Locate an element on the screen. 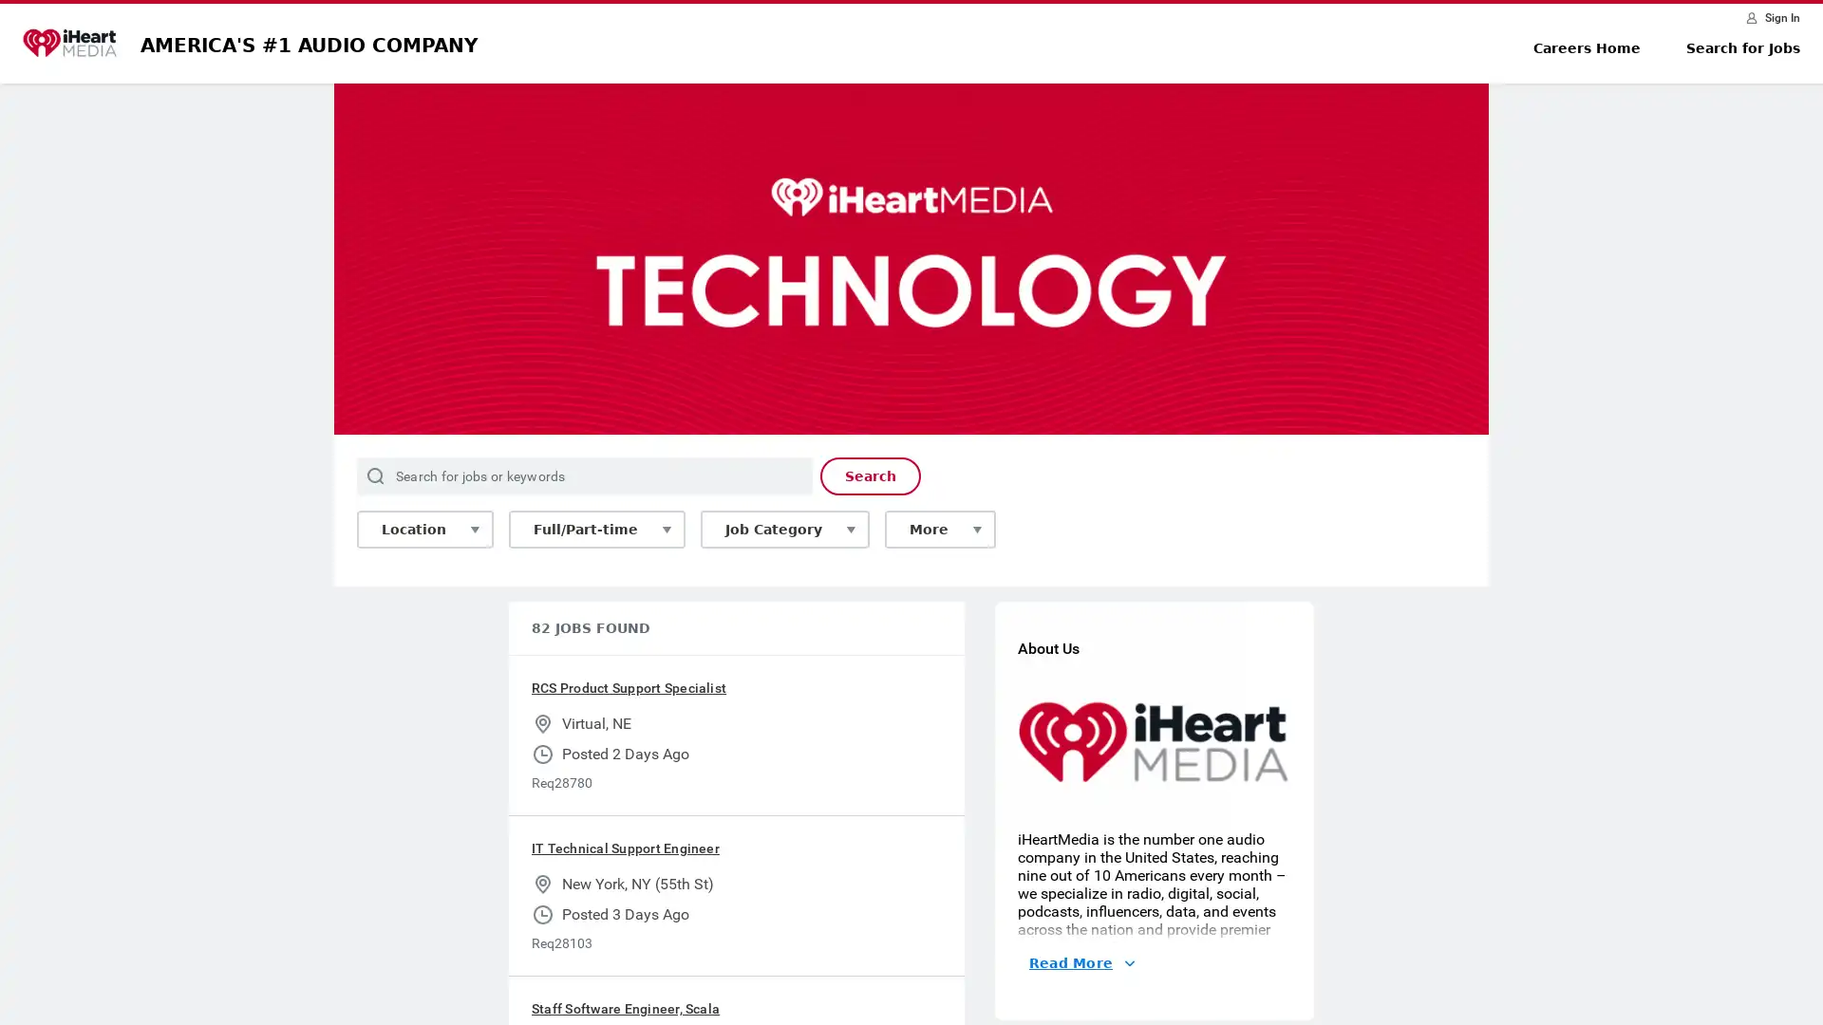 This screenshot has width=1823, height=1025. Search is located at coordinates (865, 475).